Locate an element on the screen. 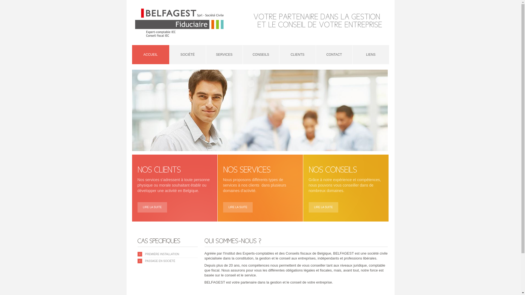 This screenshot has height=295, width=525. 'ACCUEIL' is located at coordinates (150, 55).